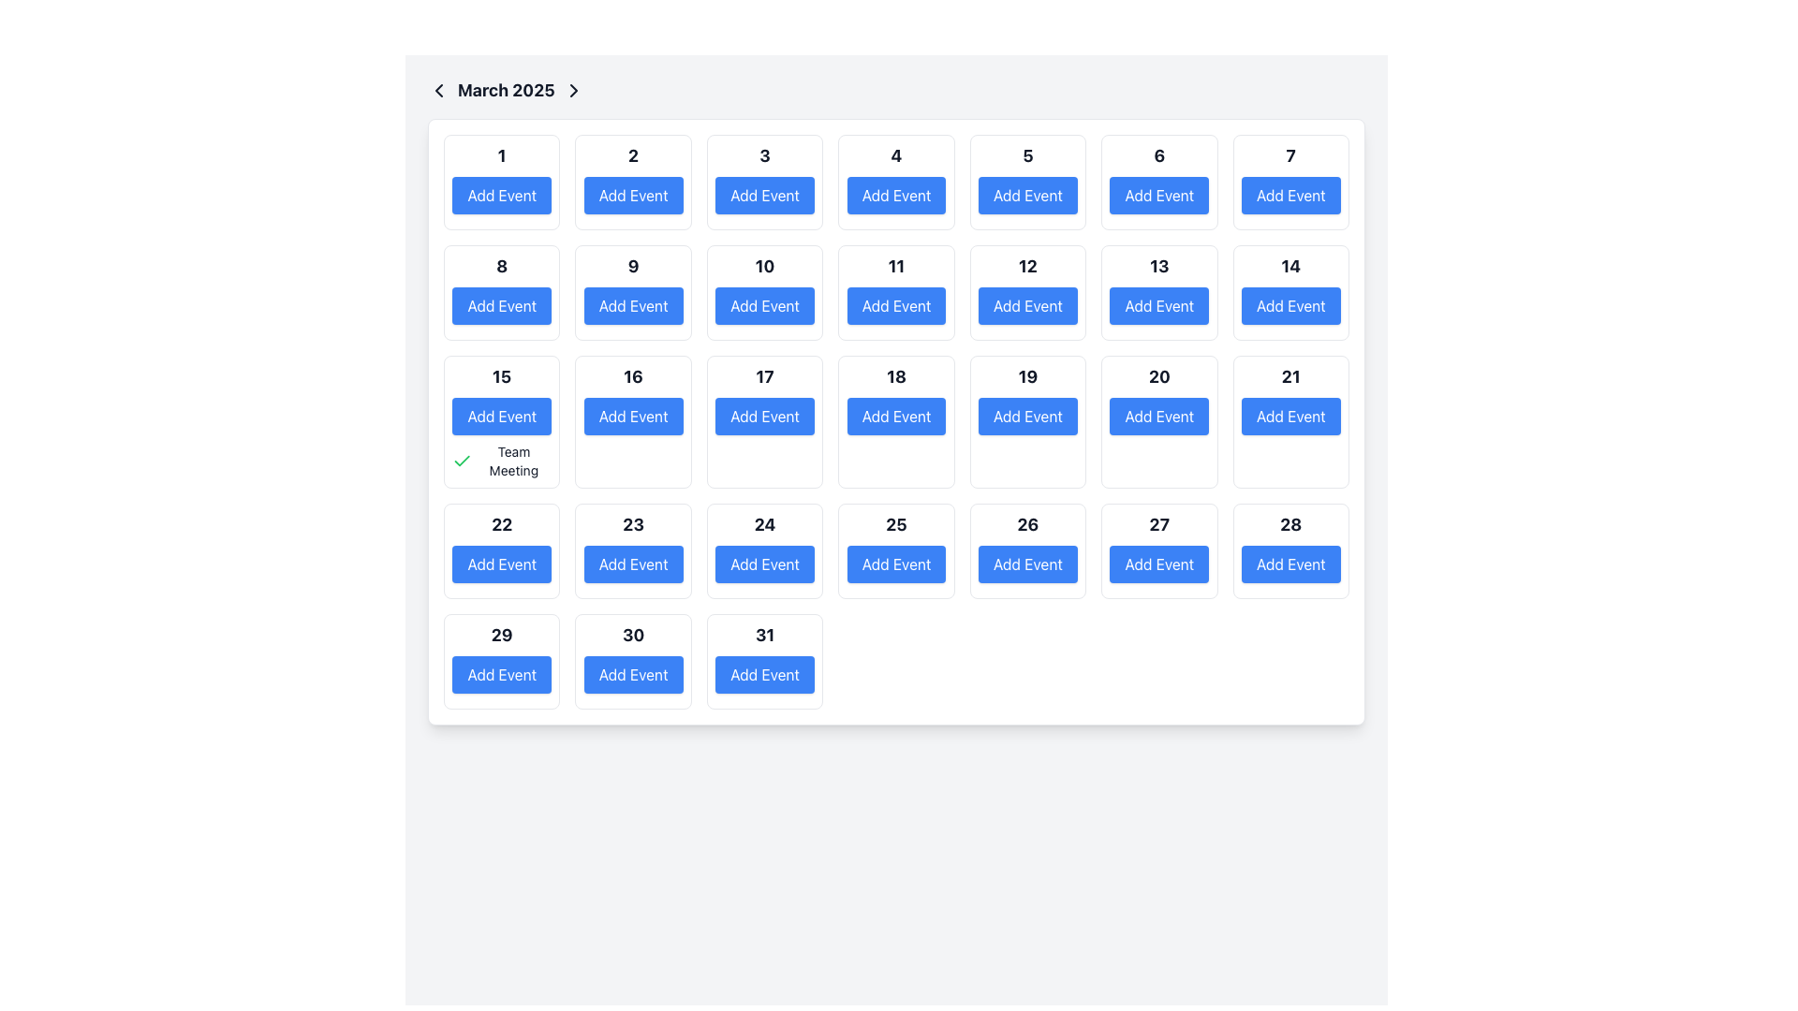 This screenshot has width=1798, height=1011. I want to click on the 'Add Event' button located in the calendar grid under the header 'March 2025', specifically in the fourth column and the first row, to initiate an event addition, so click(895, 195).